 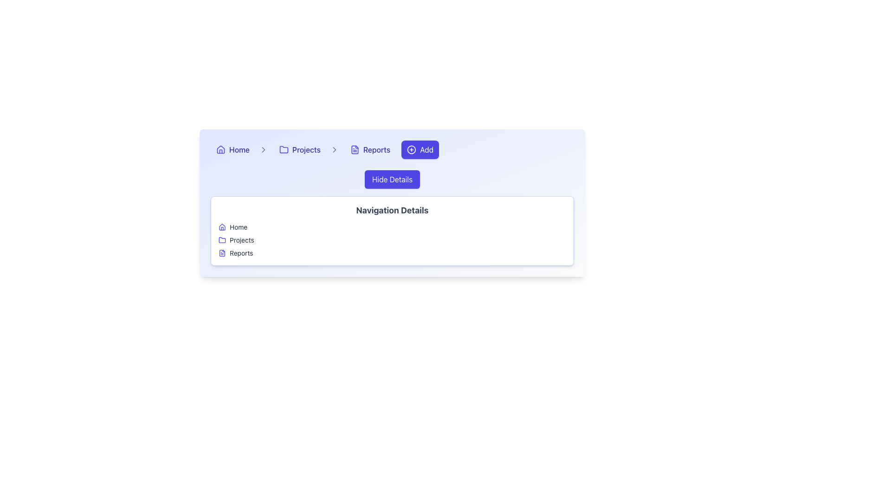 What do you see at coordinates (220, 149) in the screenshot?
I see `the 'Home' icon, which is a house icon located at the beginning of the breadcrumb navigation bar` at bounding box center [220, 149].